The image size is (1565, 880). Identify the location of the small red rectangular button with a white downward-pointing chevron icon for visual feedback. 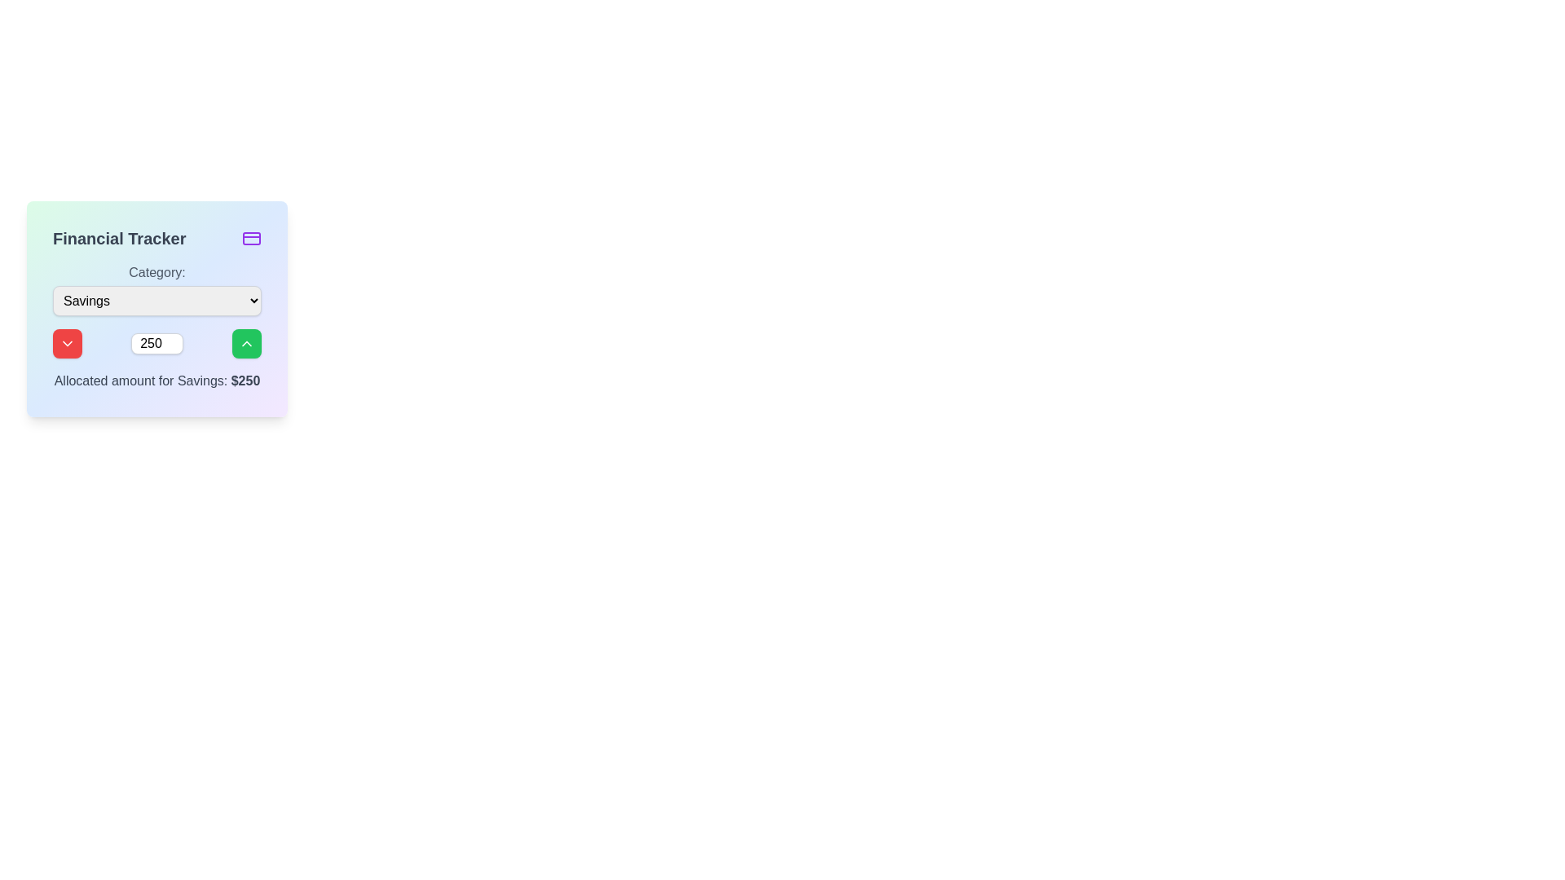
(66, 342).